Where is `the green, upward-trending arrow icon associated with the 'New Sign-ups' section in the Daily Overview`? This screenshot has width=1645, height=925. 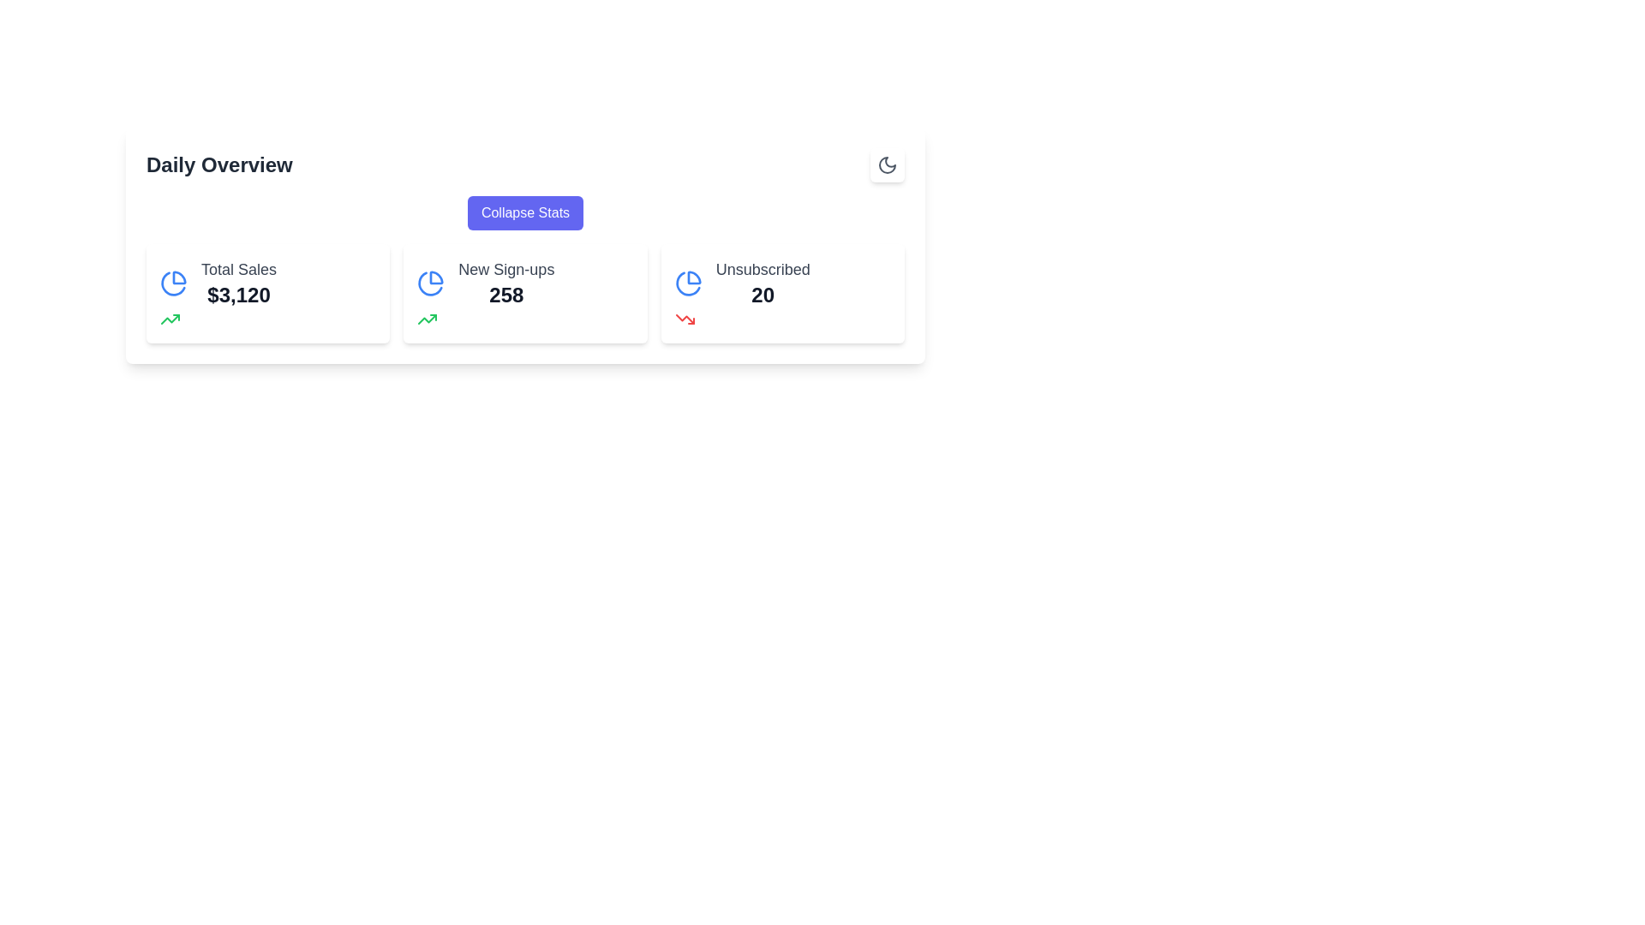 the green, upward-trending arrow icon associated with the 'New Sign-ups' section in the Daily Overview is located at coordinates (170, 319).